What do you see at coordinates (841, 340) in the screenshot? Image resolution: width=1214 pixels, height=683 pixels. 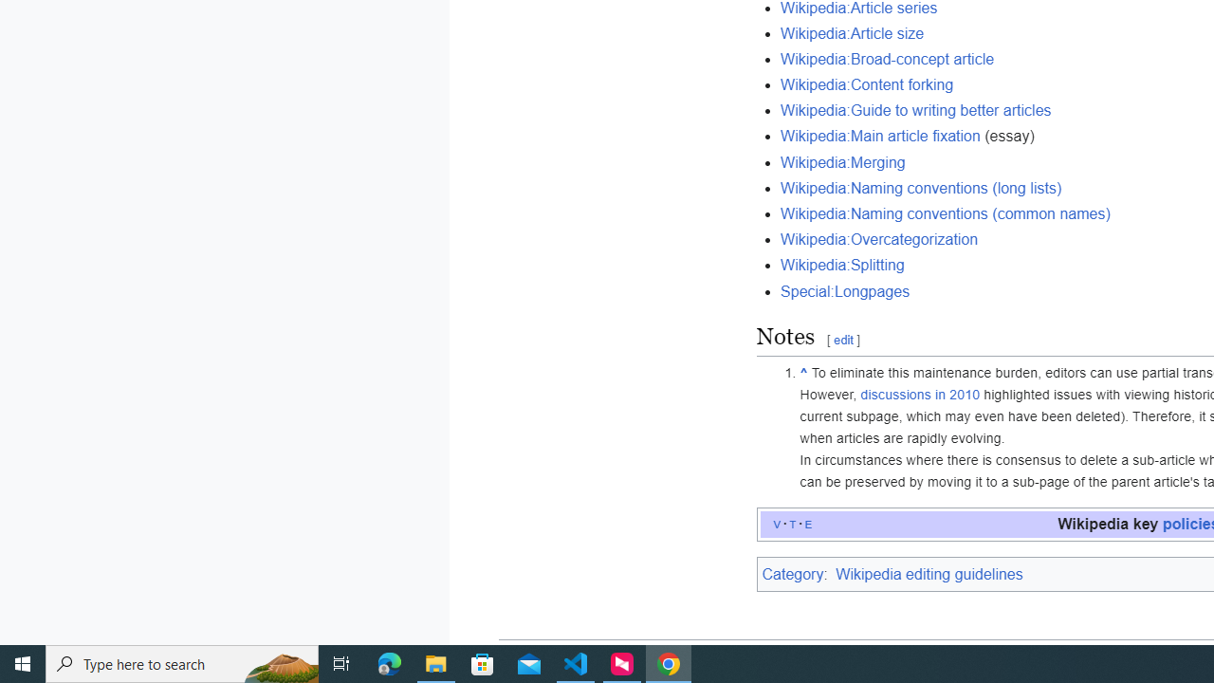 I see `'edit'` at bounding box center [841, 340].